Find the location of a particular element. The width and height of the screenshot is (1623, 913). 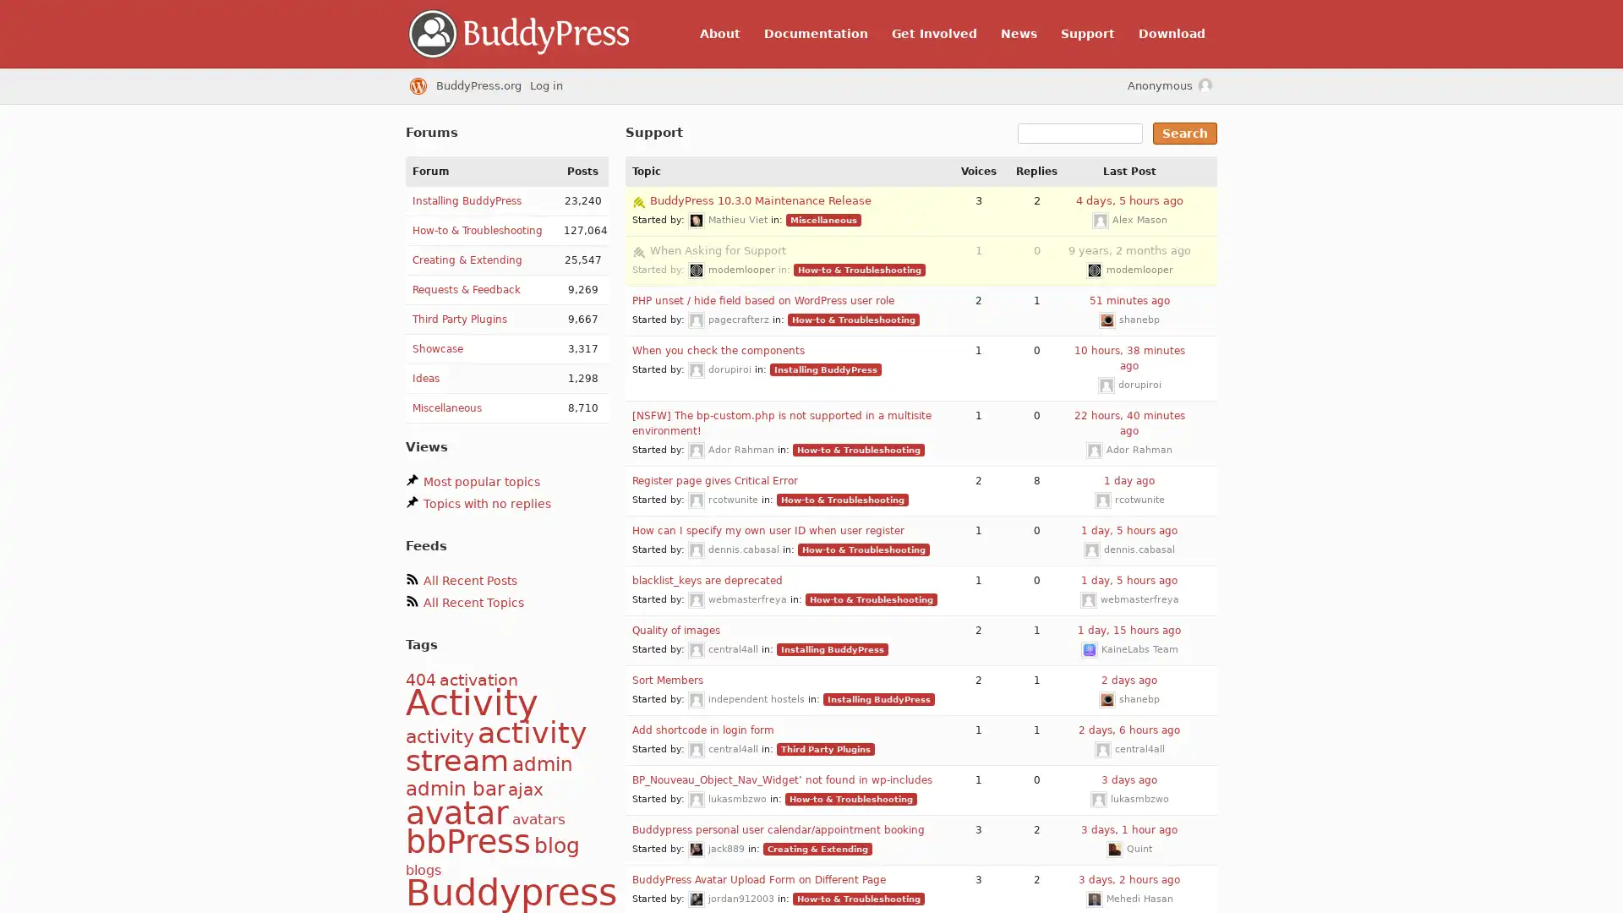

Search is located at coordinates (1183, 133).